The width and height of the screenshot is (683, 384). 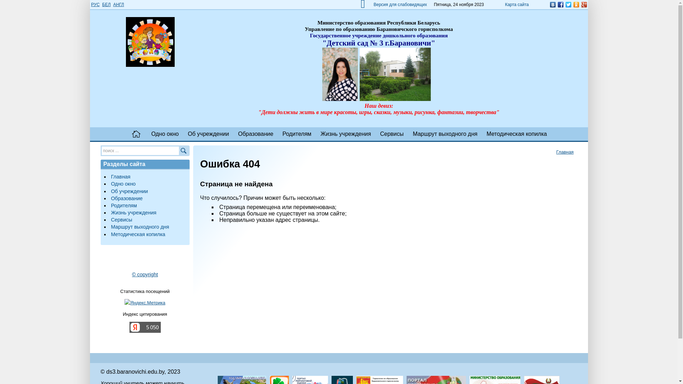 I want to click on 'Google Plus', so click(x=580, y=4).